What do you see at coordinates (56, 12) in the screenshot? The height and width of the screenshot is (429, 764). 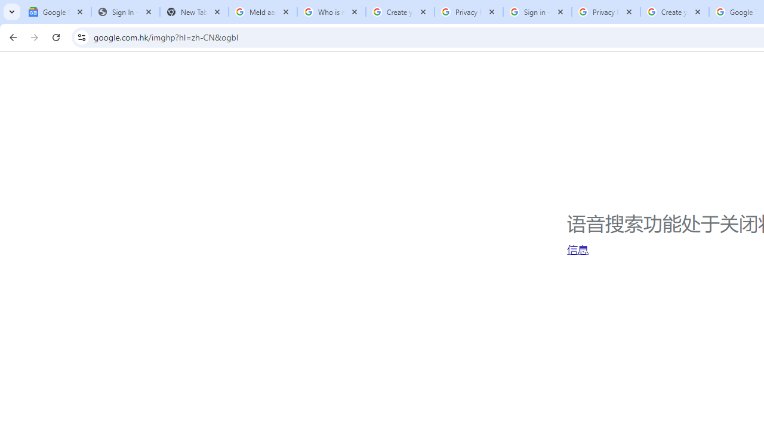 I see `'Google News'` at bounding box center [56, 12].